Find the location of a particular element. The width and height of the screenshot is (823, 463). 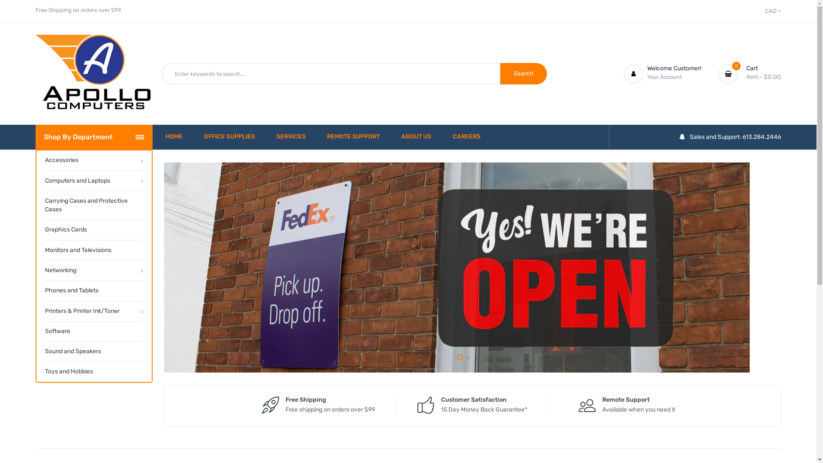

'Graphics Cards' is located at coordinates (93, 229).